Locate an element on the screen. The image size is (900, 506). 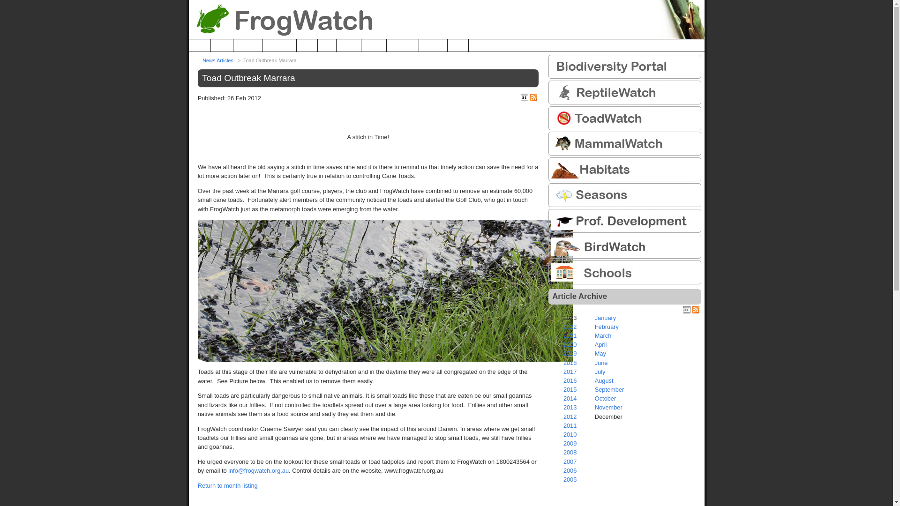
'January' is located at coordinates (594, 317).